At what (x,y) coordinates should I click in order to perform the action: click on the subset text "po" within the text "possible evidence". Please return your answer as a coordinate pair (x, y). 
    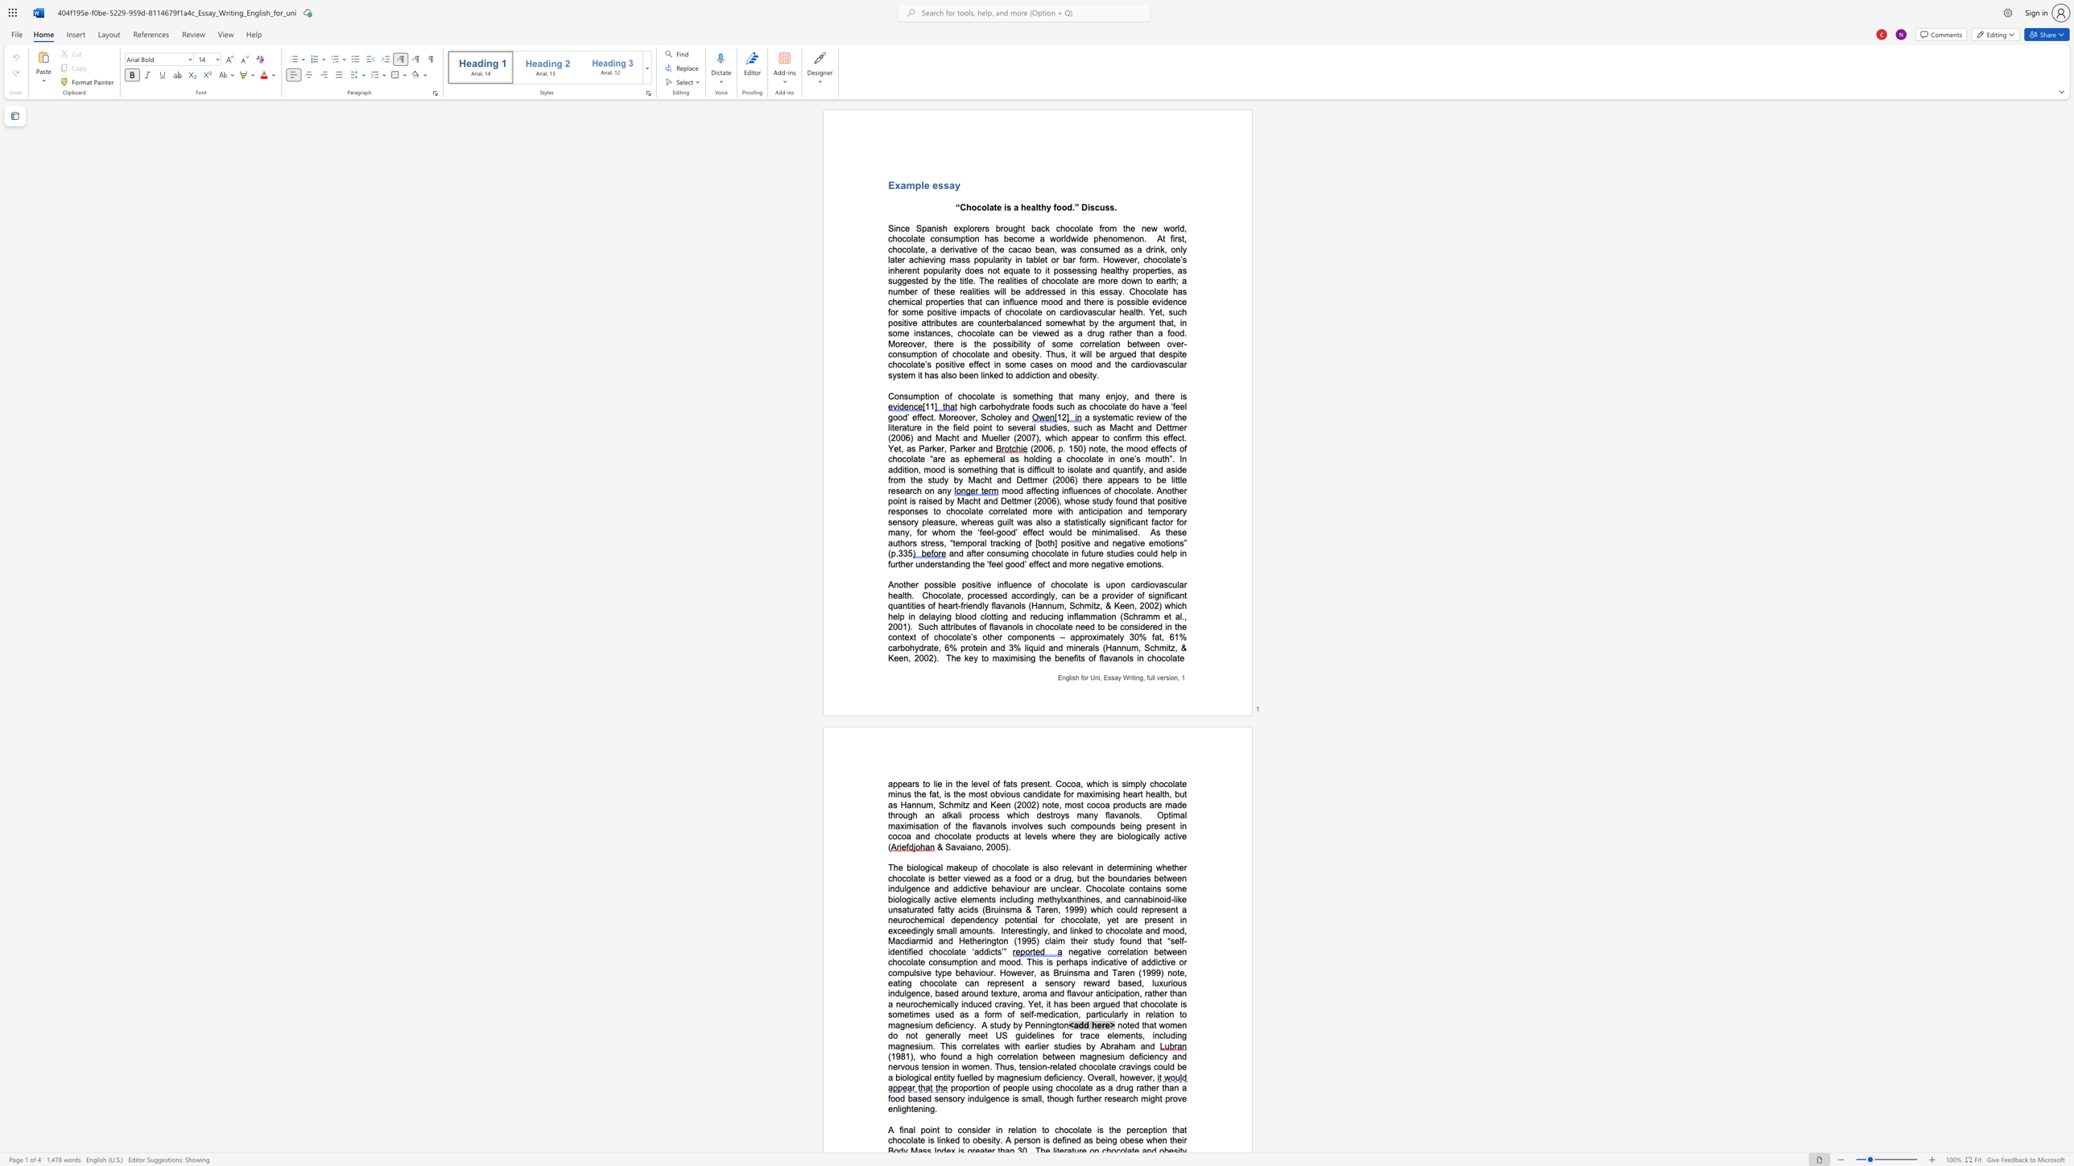
    Looking at the image, I should click on (1117, 301).